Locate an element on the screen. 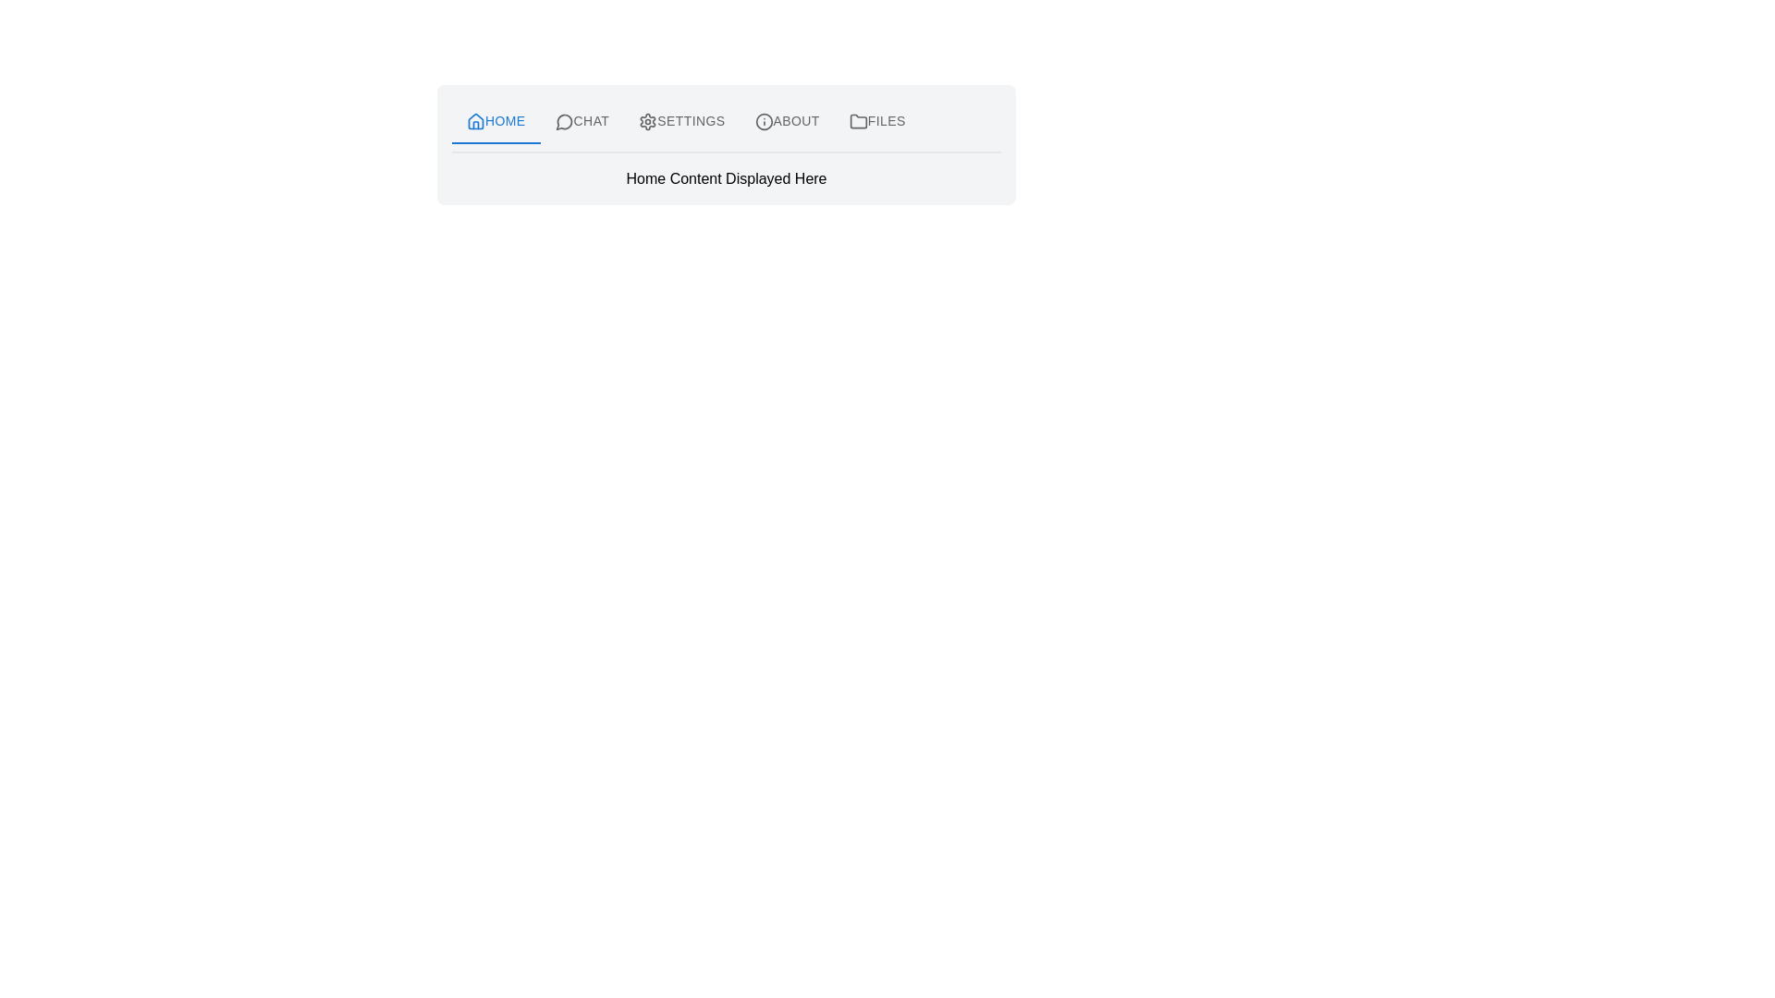 This screenshot has height=998, width=1775. the decorative graphical element that is part of a circular icon, located in the navigation bar between the 'HOME' and 'SETTINGS' icons is located at coordinates (563, 122).